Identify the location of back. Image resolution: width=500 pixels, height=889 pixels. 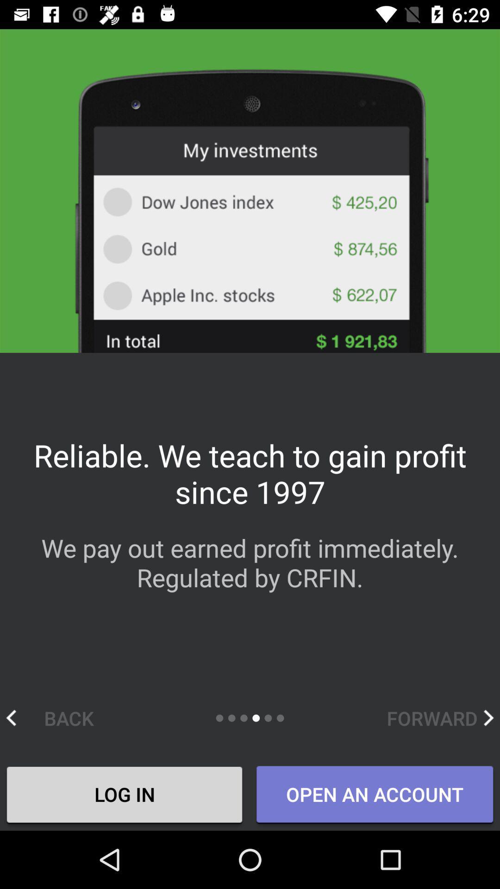
(59, 717).